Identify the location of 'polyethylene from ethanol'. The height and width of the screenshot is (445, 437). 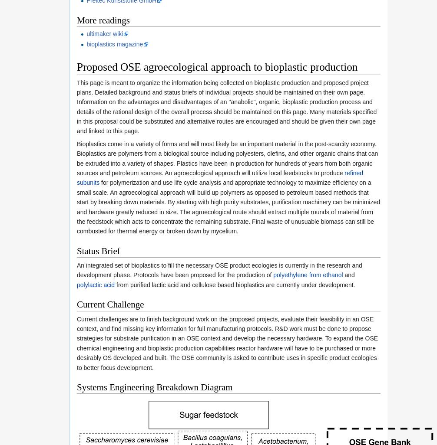
(308, 275).